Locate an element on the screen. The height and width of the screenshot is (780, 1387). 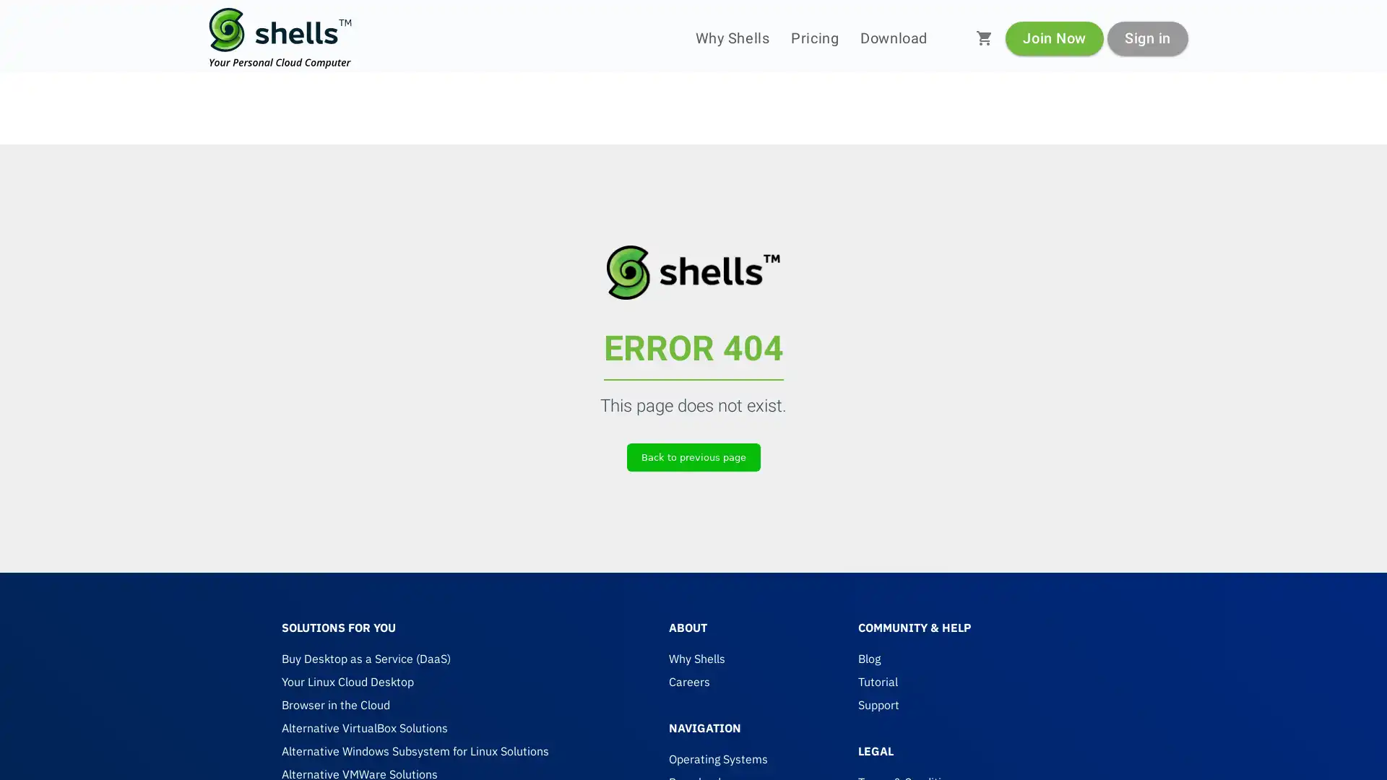
Pricing is located at coordinates (815, 38).